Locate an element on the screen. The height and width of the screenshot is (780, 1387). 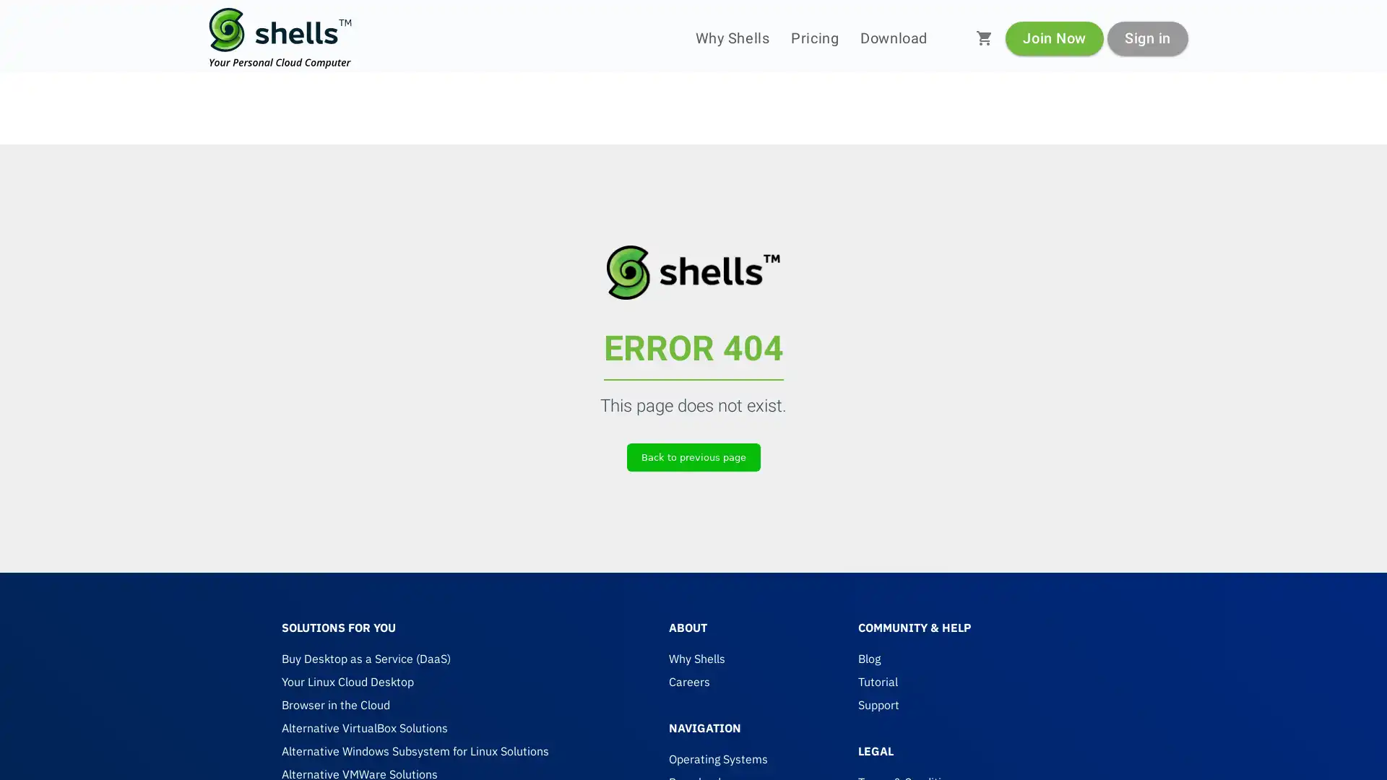
Pricing is located at coordinates (815, 38).